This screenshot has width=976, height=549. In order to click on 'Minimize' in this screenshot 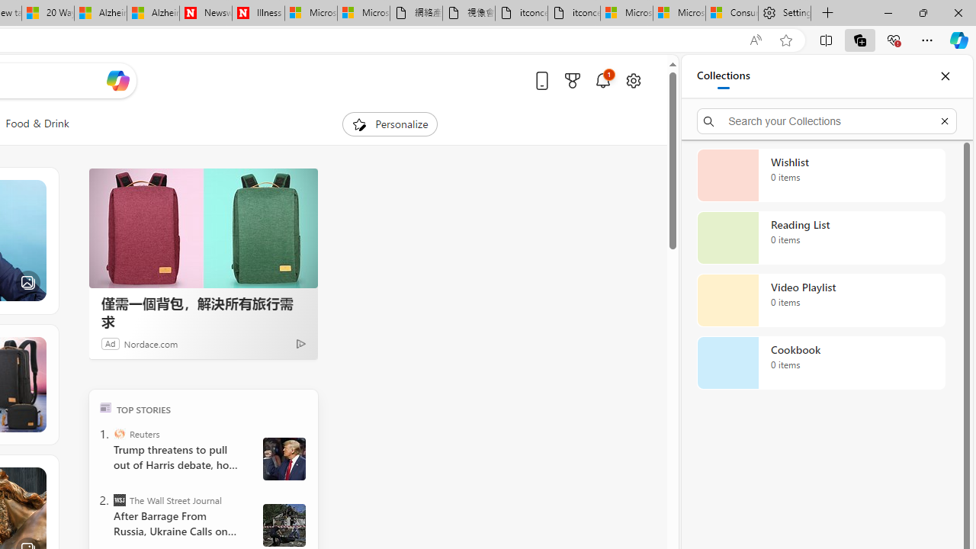, I will do `click(888, 12)`.